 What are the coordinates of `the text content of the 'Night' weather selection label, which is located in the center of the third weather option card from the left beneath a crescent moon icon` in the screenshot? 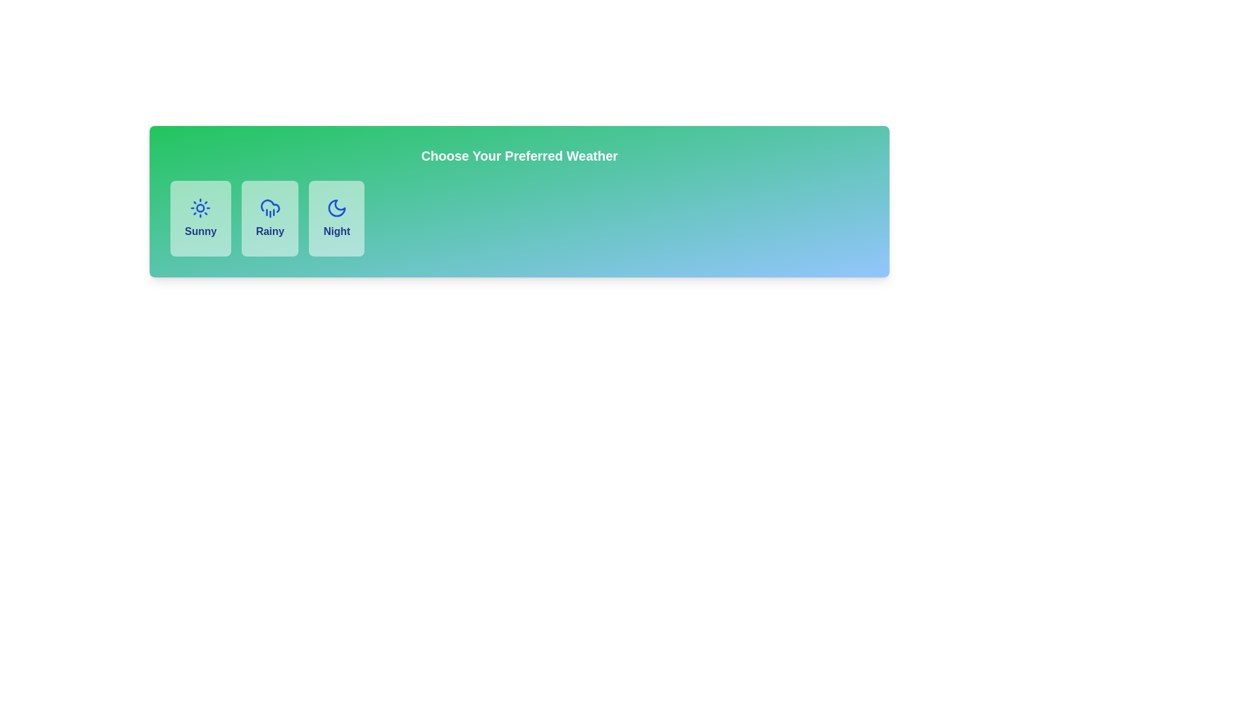 It's located at (336, 230).